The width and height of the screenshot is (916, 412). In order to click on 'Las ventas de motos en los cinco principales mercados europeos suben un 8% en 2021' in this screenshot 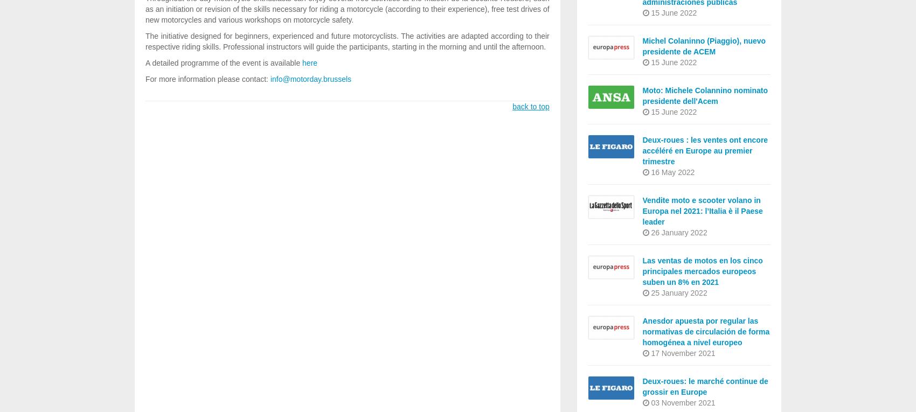, I will do `click(702, 271)`.